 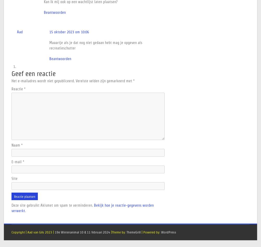 What do you see at coordinates (11, 232) in the screenshot?
I see `'Copyright | Aad van Gils 2023 |'` at bounding box center [11, 232].